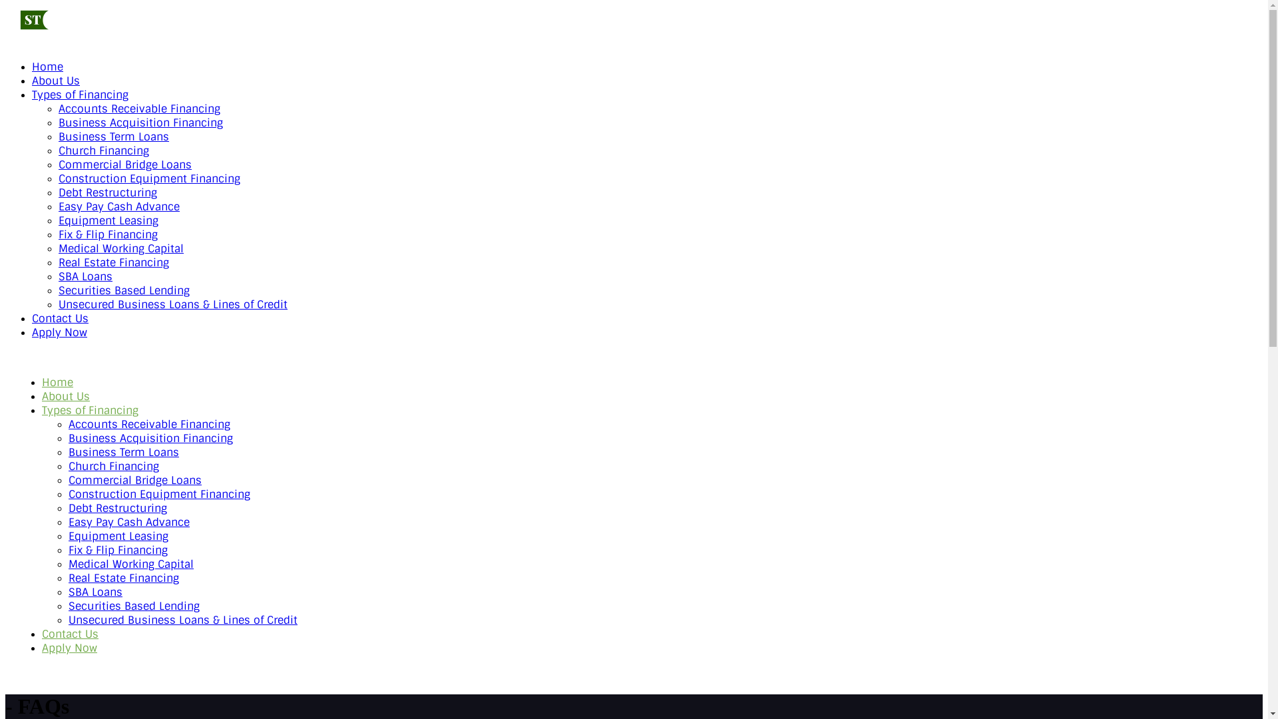 This screenshot has width=1278, height=719. What do you see at coordinates (114, 136) in the screenshot?
I see `'Business Term Loans'` at bounding box center [114, 136].